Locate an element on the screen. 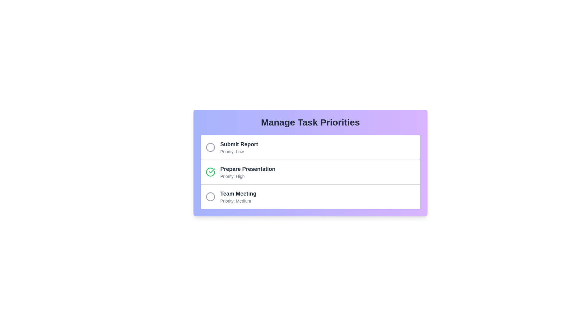  the task Team Meeting to observe hover effects is located at coordinates (211, 196).